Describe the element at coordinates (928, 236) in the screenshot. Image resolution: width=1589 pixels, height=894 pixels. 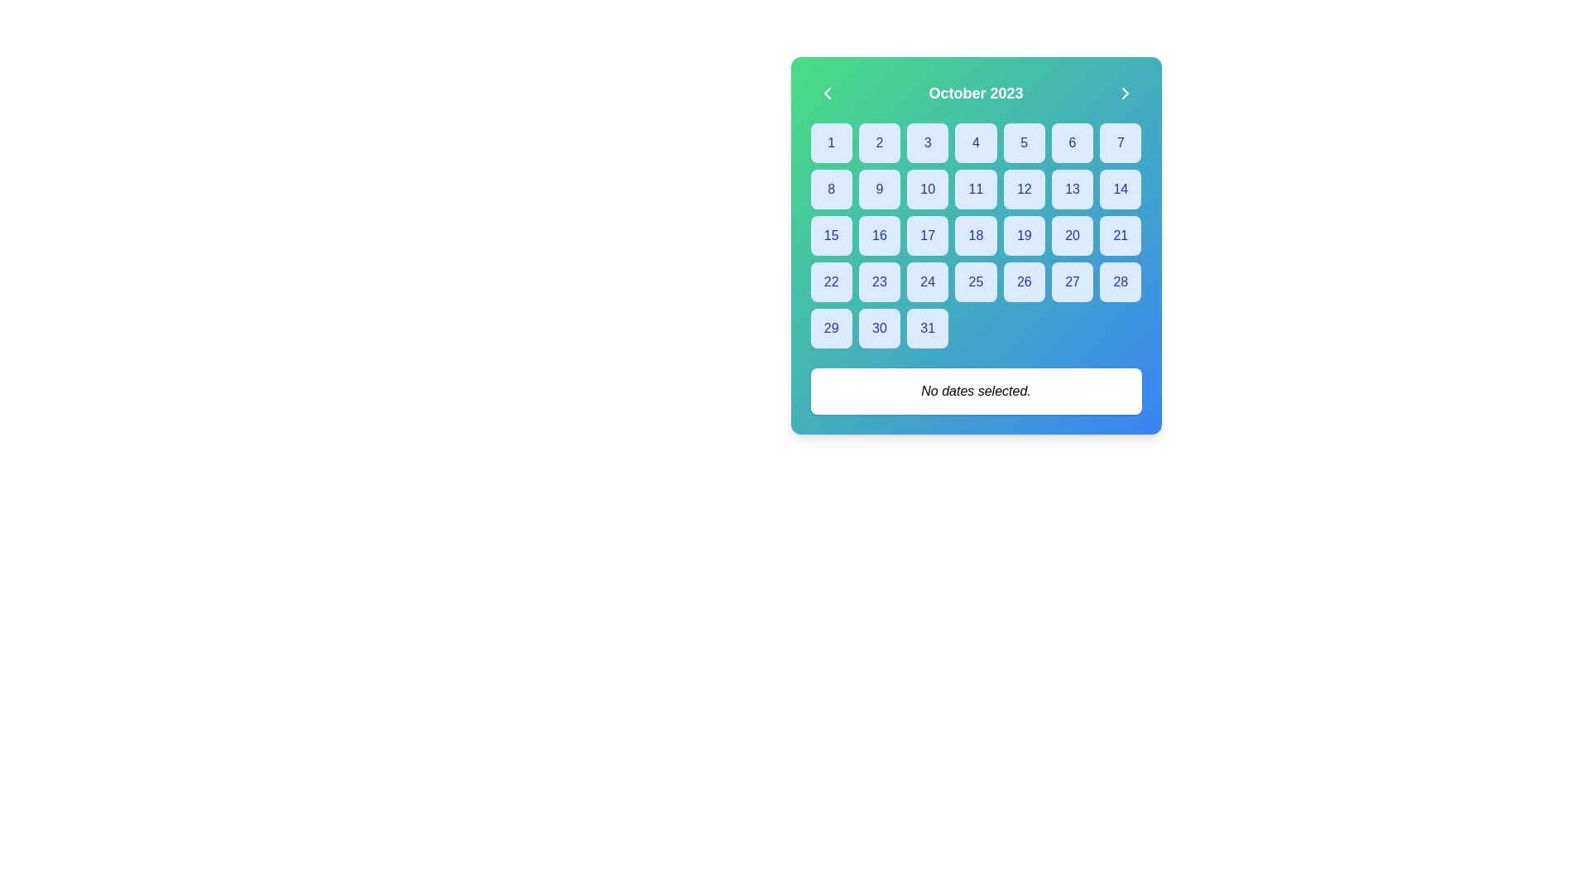
I see `the calendar day cell representing the 17th day of the month, located in the third row and third column of the calendar grid` at that location.